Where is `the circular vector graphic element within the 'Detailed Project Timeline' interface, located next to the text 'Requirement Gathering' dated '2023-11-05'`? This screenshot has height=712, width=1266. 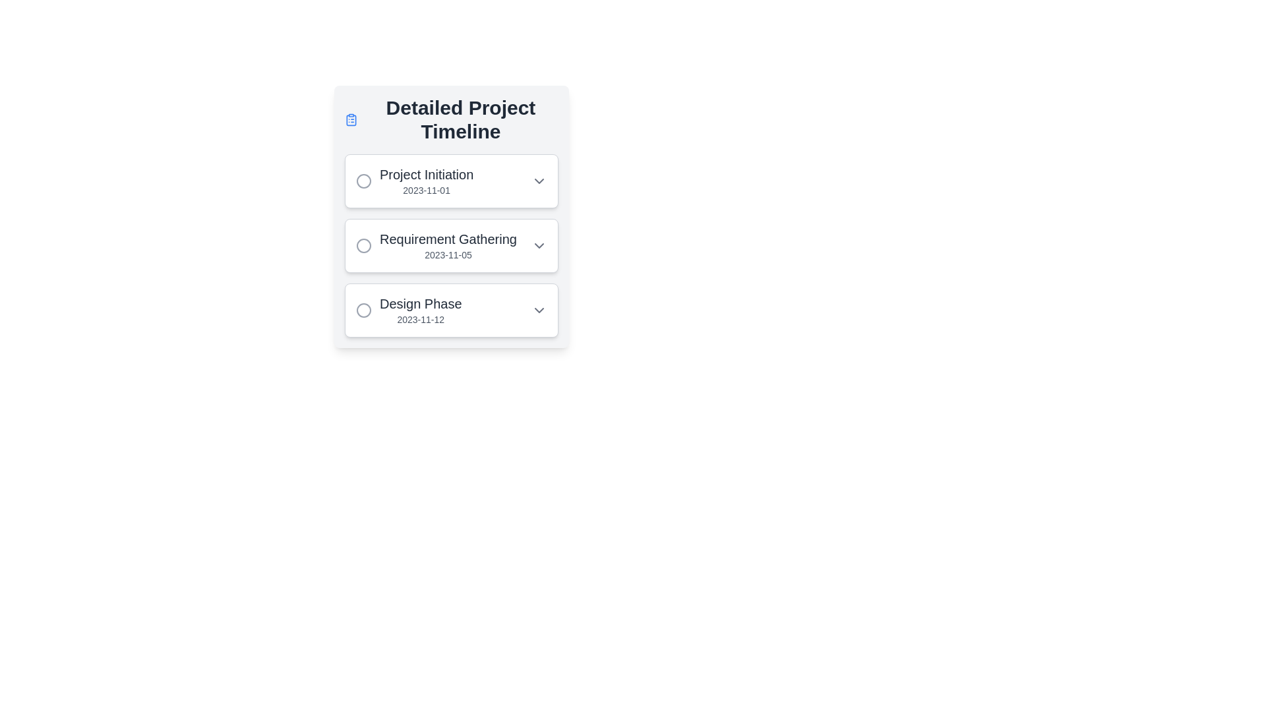
the circular vector graphic element within the 'Detailed Project Timeline' interface, located next to the text 'Requirement Gathering' dated '2023-11-05' is located at coordinates (364, 246).